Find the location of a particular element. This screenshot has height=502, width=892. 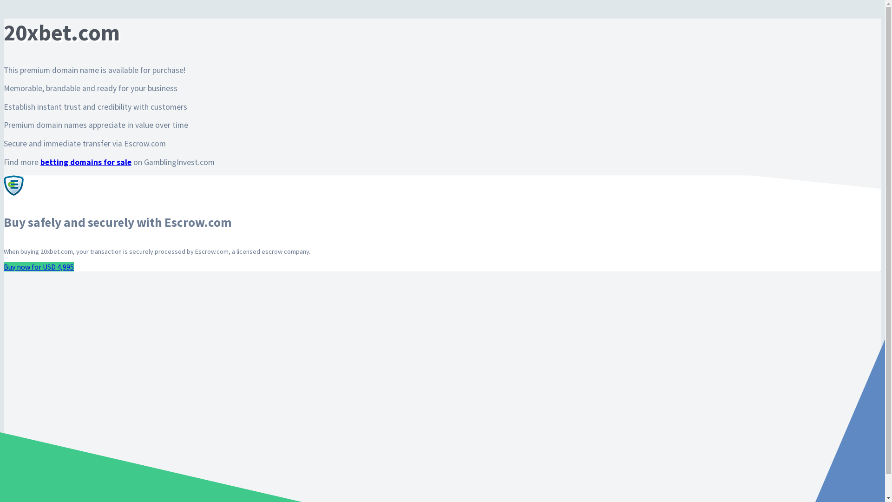

'Buy now for USD 4,995' is located at coordinates (38, 267).